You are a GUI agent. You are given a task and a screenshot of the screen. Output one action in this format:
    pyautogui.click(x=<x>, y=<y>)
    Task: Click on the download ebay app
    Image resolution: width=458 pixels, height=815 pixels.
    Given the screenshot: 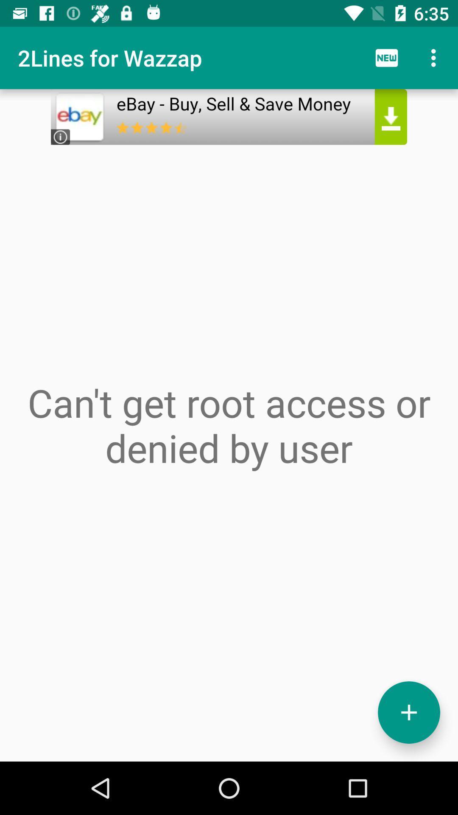 What is the action you would take?
    pyautogui.click(x=229, y=116)
    